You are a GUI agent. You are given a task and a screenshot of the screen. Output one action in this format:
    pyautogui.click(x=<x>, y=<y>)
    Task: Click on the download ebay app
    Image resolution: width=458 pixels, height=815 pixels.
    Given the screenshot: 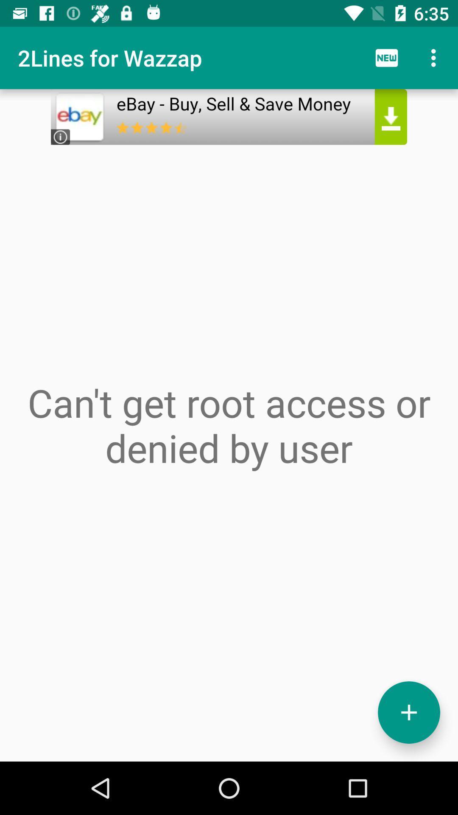 What is the action you would take?
    pyautogui.click(x=229, y=116)
    